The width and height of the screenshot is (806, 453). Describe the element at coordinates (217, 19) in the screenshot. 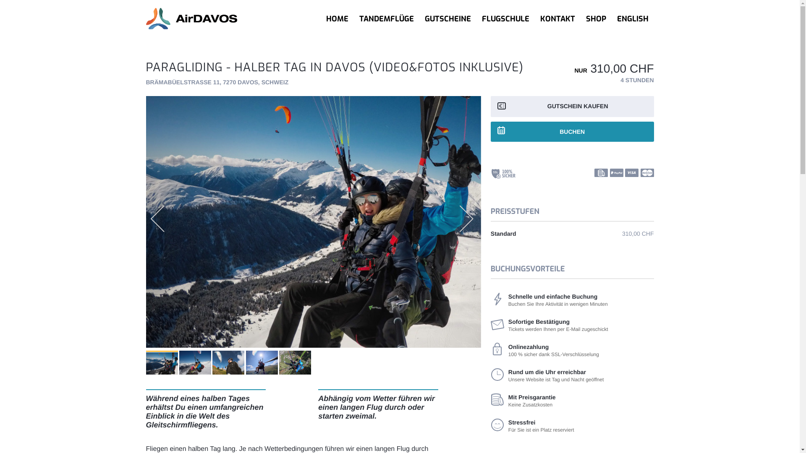

I see `'AirDavosParagliding-Logo'` at that location.